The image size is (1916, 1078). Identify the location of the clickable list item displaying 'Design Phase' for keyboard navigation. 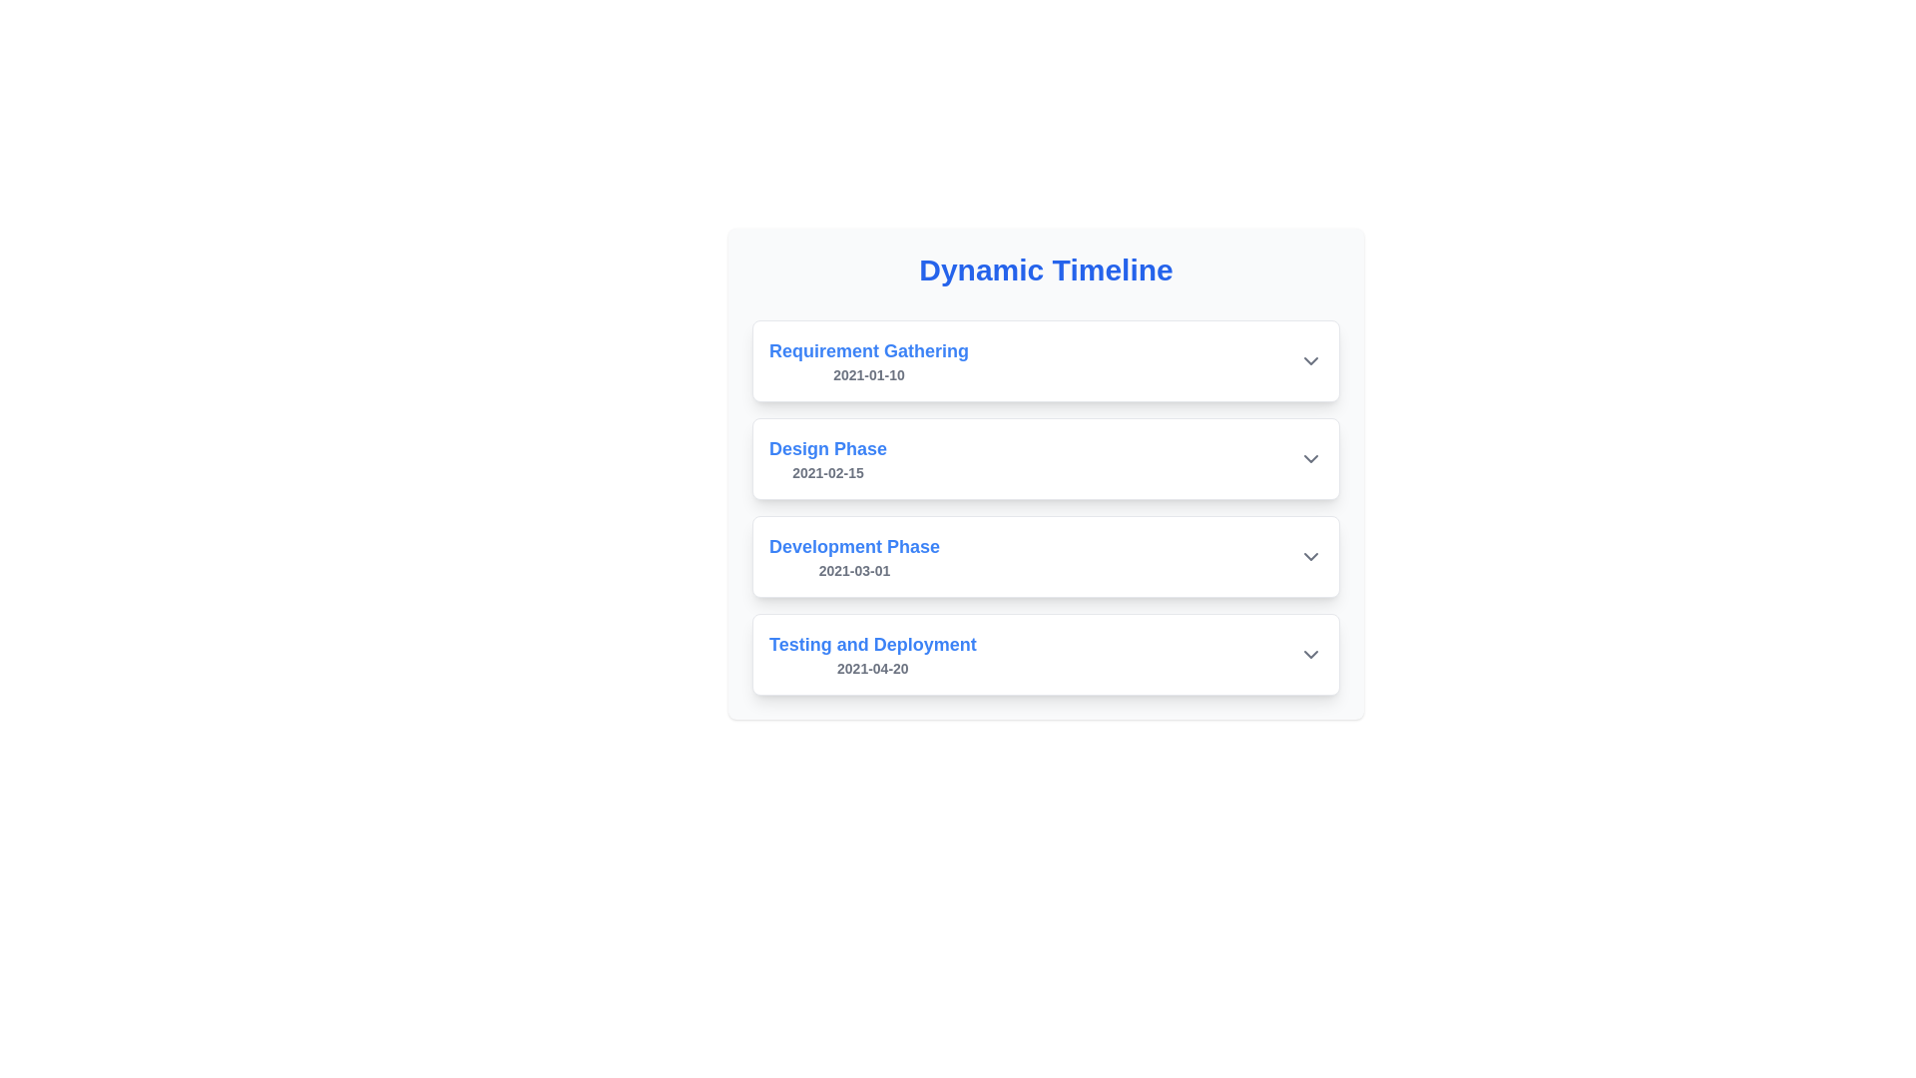
(1045, 458).